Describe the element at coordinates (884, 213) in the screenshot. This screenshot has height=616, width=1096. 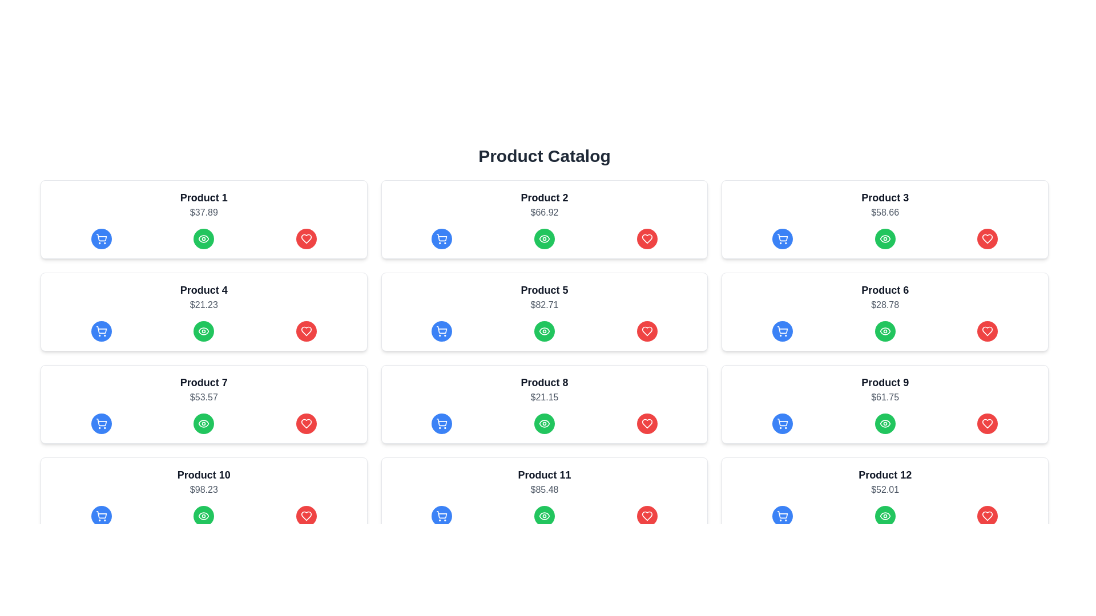
I see `the price information text located in the 'Product 3' card` at that location.